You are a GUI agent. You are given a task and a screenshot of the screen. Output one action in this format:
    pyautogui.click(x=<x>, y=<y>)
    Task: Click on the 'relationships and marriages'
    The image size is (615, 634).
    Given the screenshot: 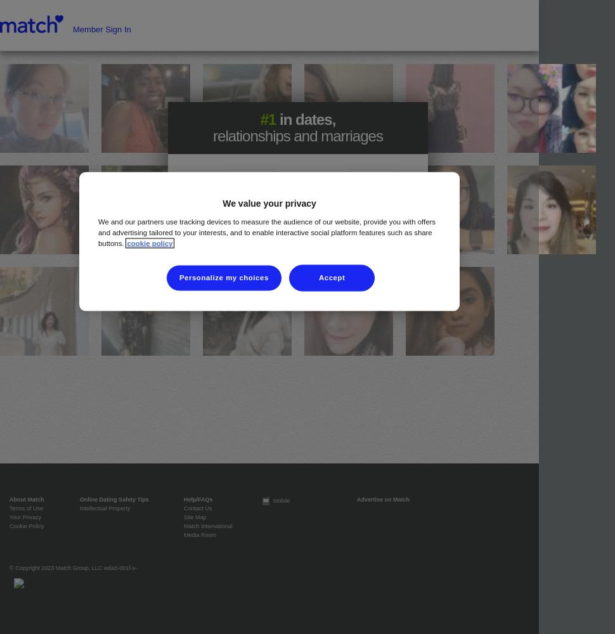 What is the action you would take?
    pyautogui.click(x=297, y=135)
    